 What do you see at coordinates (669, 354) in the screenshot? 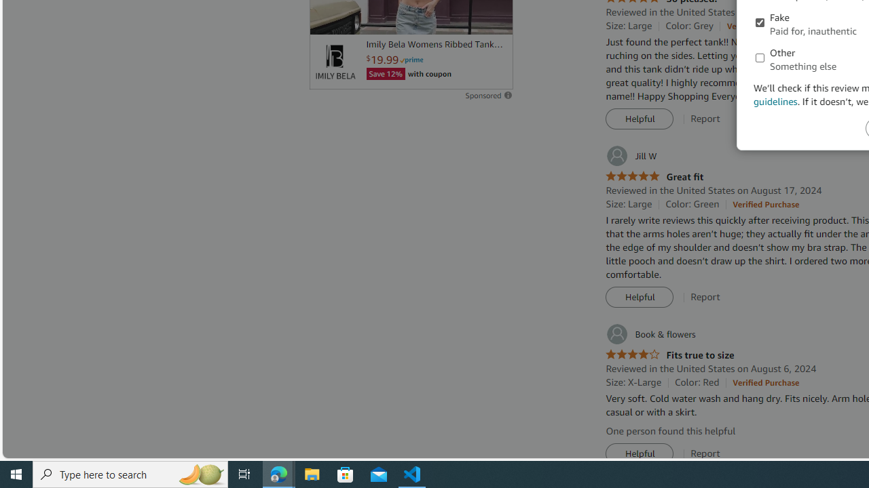
I see `'4.0 out of 5 stars Fits true to size'` at bounding box center [669, 354].